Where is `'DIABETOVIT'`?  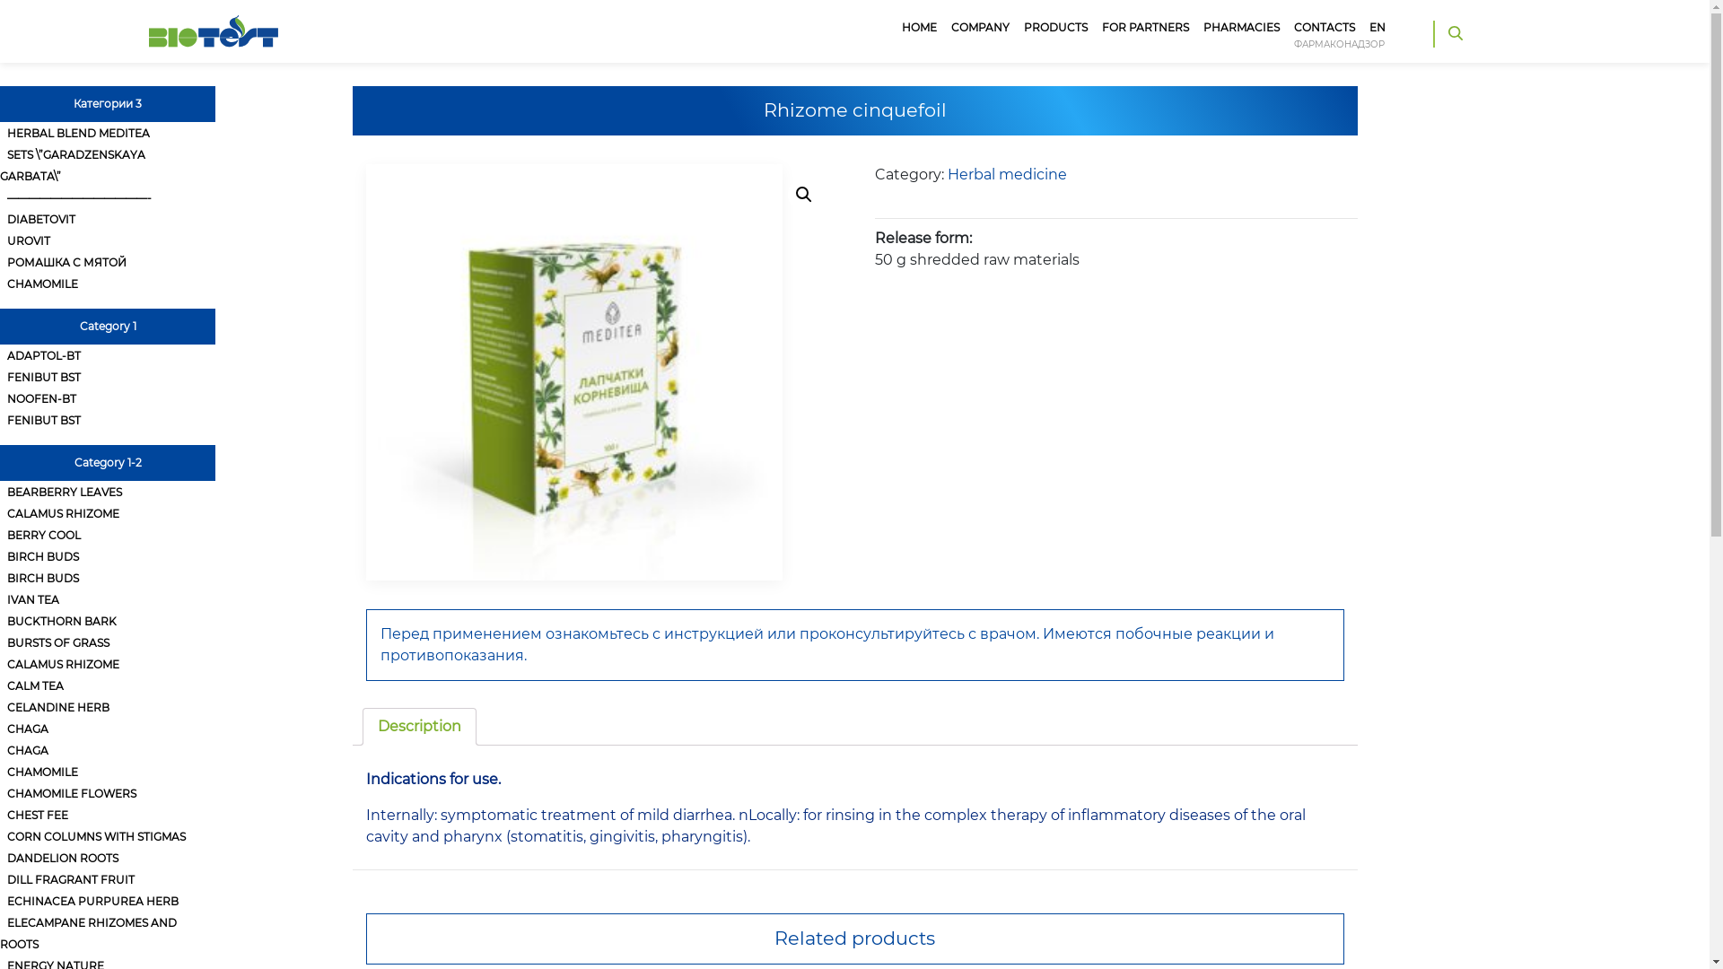 'DIABETOVIT' is located at coordinates (0, 218).